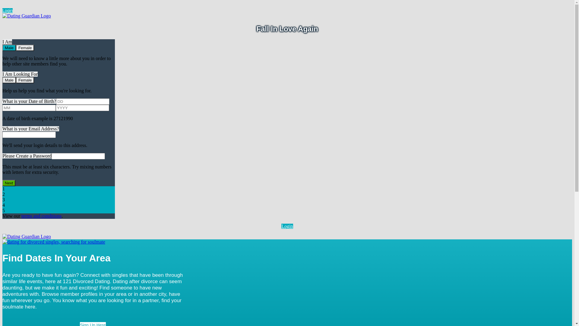 This screenshot has height=326, width=579. What do you see at coordinates (24, 47) in the screenshot?
I see `'Female'` at bounding box center [24, 47].